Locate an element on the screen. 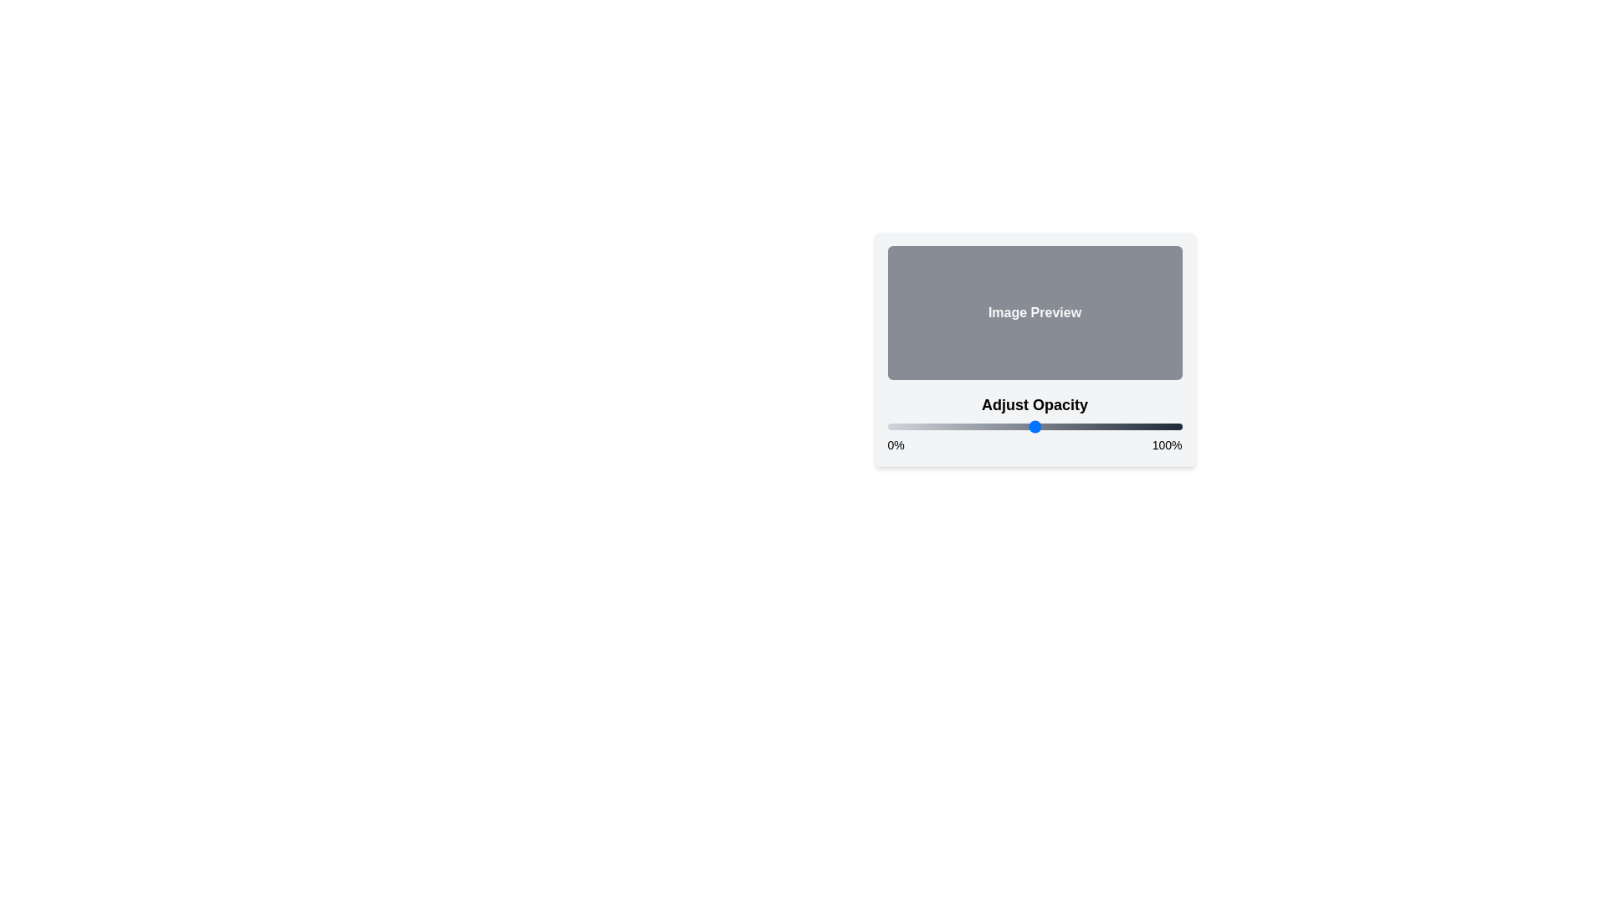 The width and height of the screenshot is (1607, 904). the opacity is located at coordinates (1066, 425).